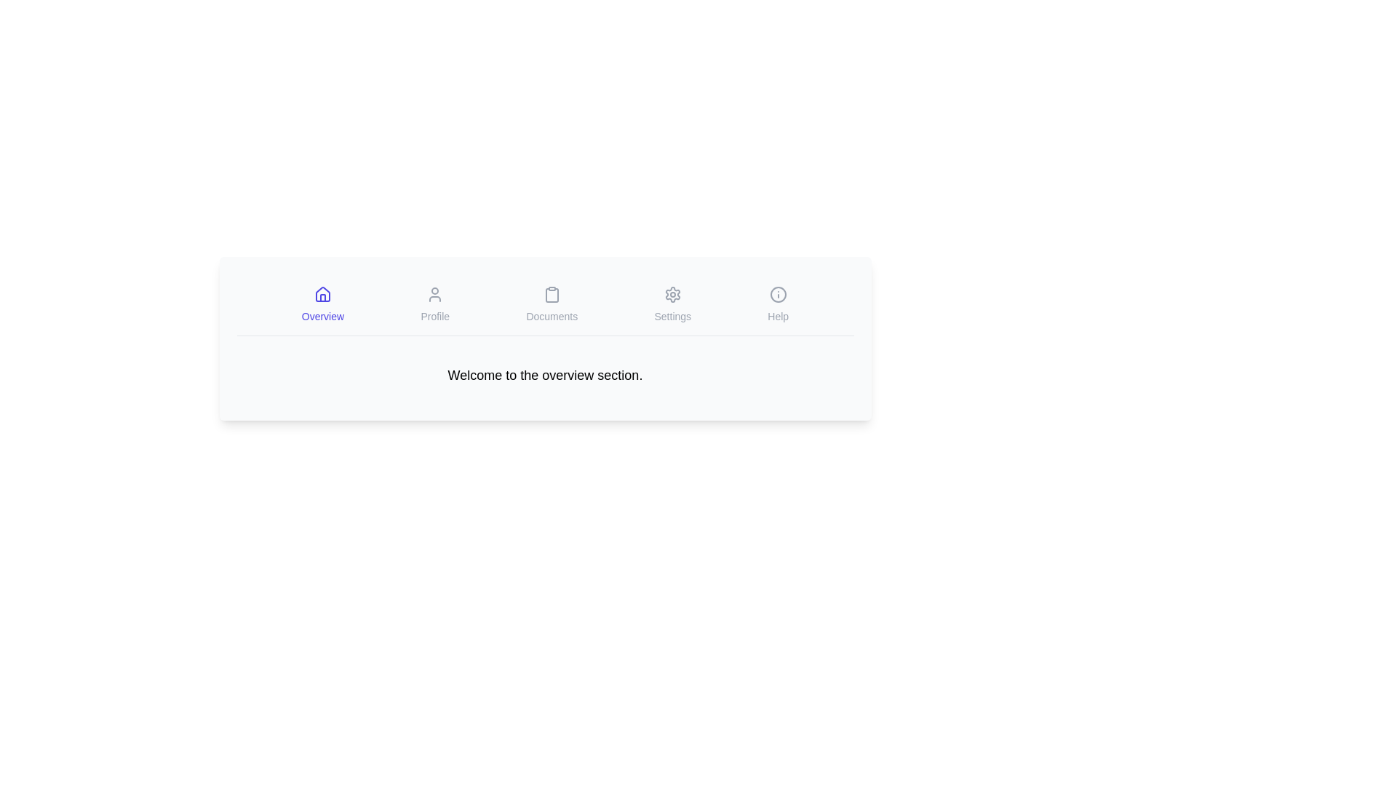 Image resolution: width=1397 pixels, height=786 pixels. What do you see at coordinates (777, 295) in the screenshot?
I see `the help icon located in the rightmost position of the top menu bar, which visually indicates the availability of help or additional information associated with the 'Help' text label` at bounding box center [777, 295].